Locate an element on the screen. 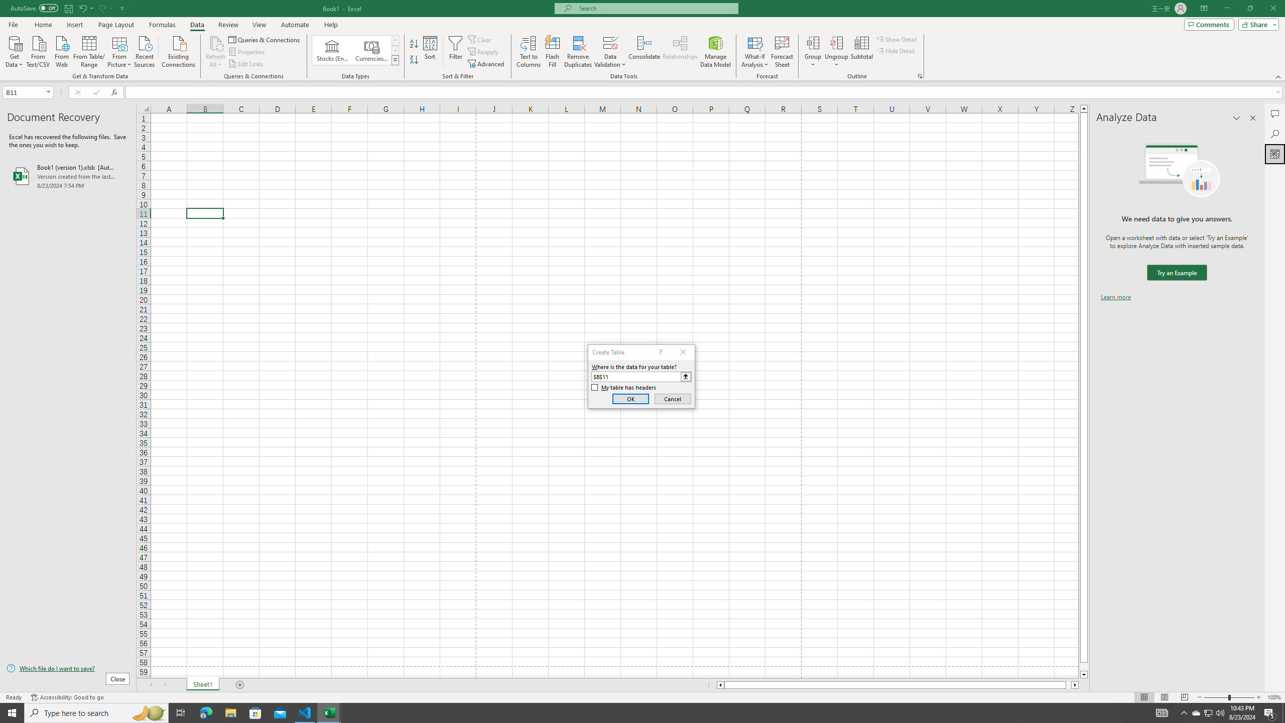 Image resolution: width=1285 pixels, height=723 pixels. 'From Table/Range' is located at coordinates (88, 50).